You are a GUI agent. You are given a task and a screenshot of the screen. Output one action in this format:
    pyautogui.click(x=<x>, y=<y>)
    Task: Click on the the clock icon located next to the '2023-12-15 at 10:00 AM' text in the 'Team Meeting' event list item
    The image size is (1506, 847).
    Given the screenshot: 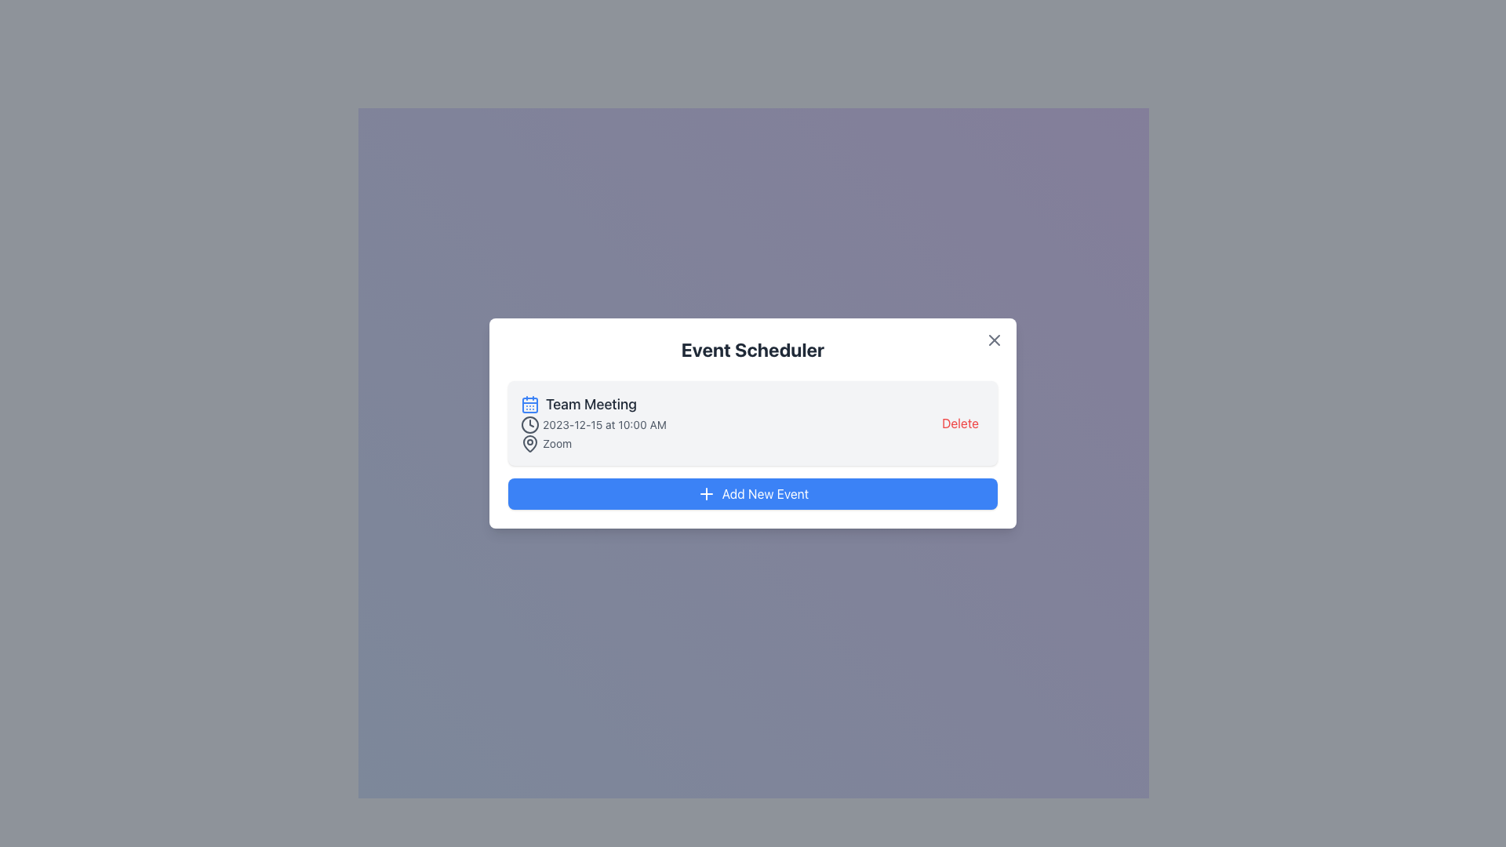 What is the action you would take?
    pyautogui.click(x=530, y=425)
    